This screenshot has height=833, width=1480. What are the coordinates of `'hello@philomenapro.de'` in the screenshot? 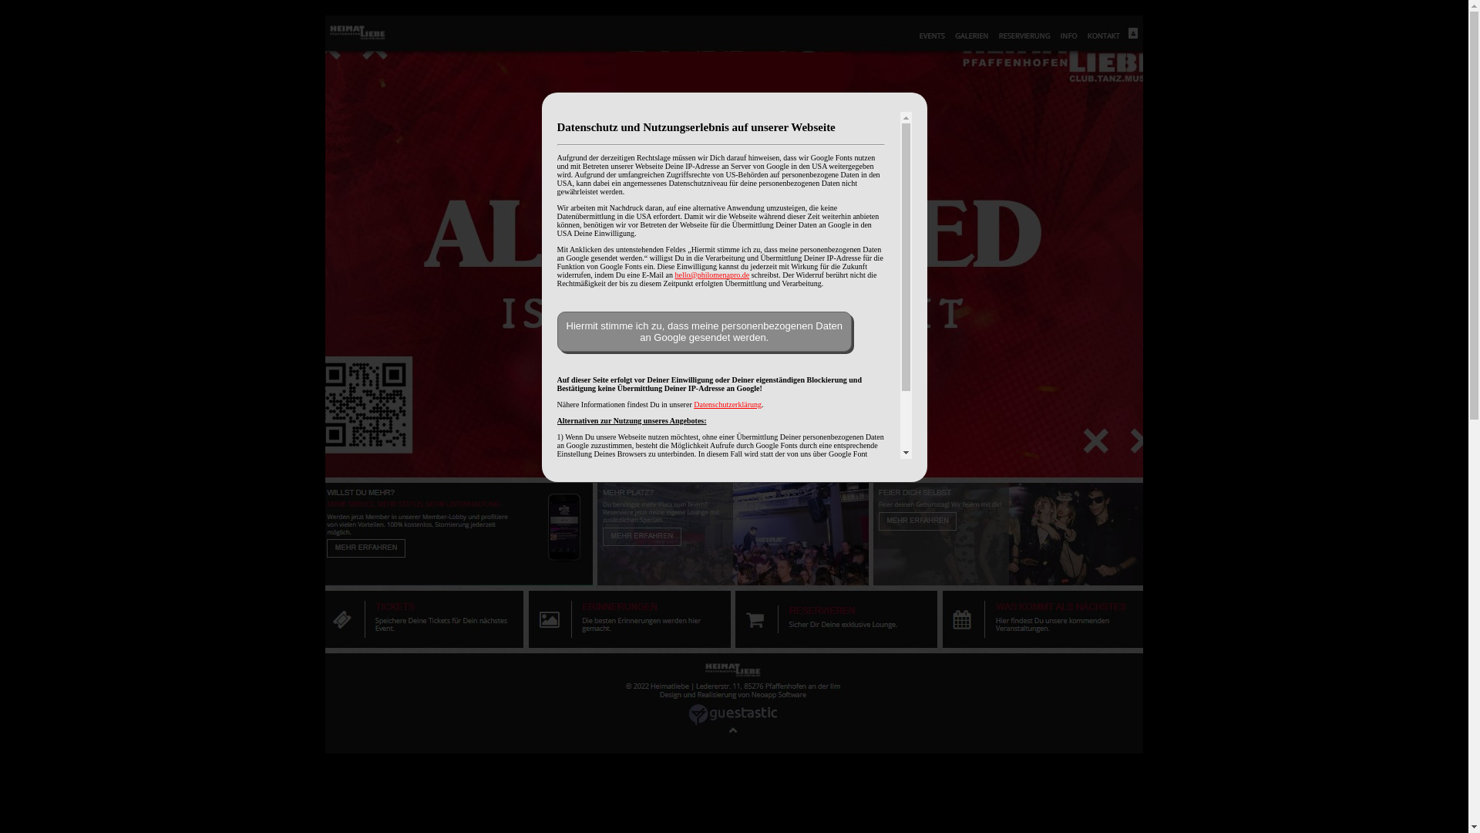 It's located at (711, 274).